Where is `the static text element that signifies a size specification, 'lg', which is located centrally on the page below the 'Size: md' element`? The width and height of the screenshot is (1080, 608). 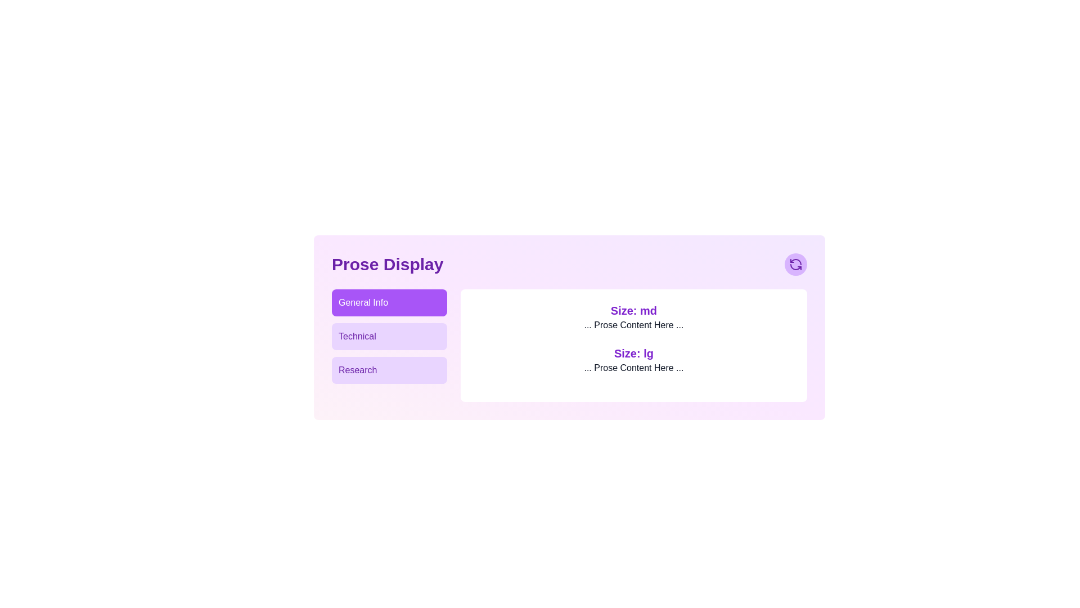 the static text element that signifies a size specification, 'lg', which is located centrally on the page below the 'Size: md' element is located at coordinates (634, 353).